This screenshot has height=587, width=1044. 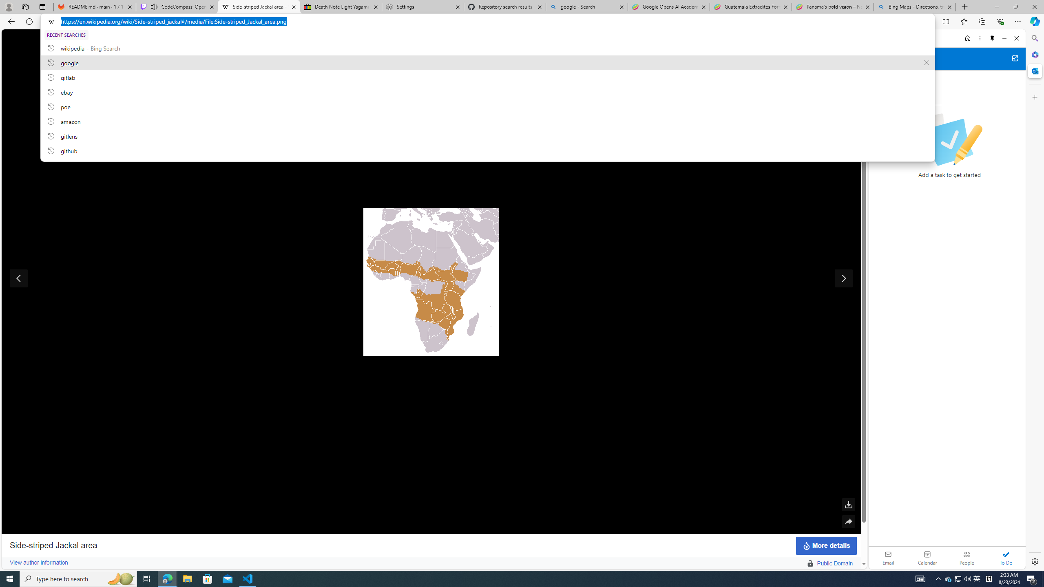 What do you see at coordinates (843, 278) in the screenshot?
I see `'Show next image'` at bounding box center [843, 278].